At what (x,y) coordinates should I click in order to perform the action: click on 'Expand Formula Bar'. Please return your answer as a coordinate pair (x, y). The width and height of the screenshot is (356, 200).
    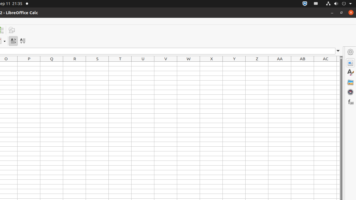
    Looking at the image, I should click on (338, 51).